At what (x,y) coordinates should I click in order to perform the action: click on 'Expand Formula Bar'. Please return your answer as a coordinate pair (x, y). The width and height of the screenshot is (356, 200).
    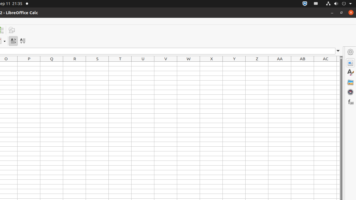
    Looking at the image, I should click on (338, 51).